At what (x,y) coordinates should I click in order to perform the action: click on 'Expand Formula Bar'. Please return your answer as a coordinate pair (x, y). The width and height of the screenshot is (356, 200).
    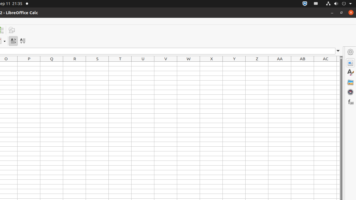
    Looking at the image, I should click on (338, 51).